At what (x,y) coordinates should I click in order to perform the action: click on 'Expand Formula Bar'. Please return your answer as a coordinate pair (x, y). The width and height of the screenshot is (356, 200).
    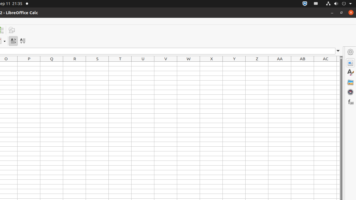
    Looking at the image, I should click on (338, 51).